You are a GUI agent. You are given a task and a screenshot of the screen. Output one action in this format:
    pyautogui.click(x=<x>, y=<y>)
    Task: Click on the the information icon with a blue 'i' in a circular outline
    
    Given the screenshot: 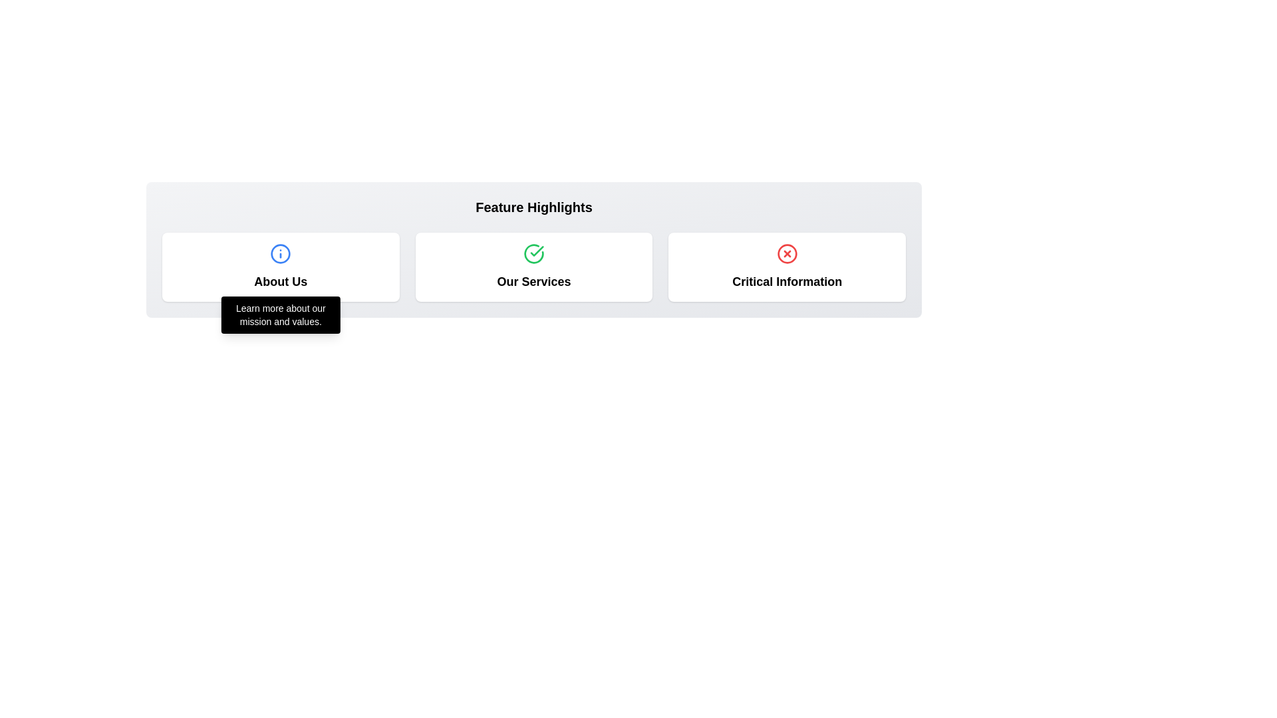 What is the action you would take?
    pyautogui.click(x=280, y=253)
    